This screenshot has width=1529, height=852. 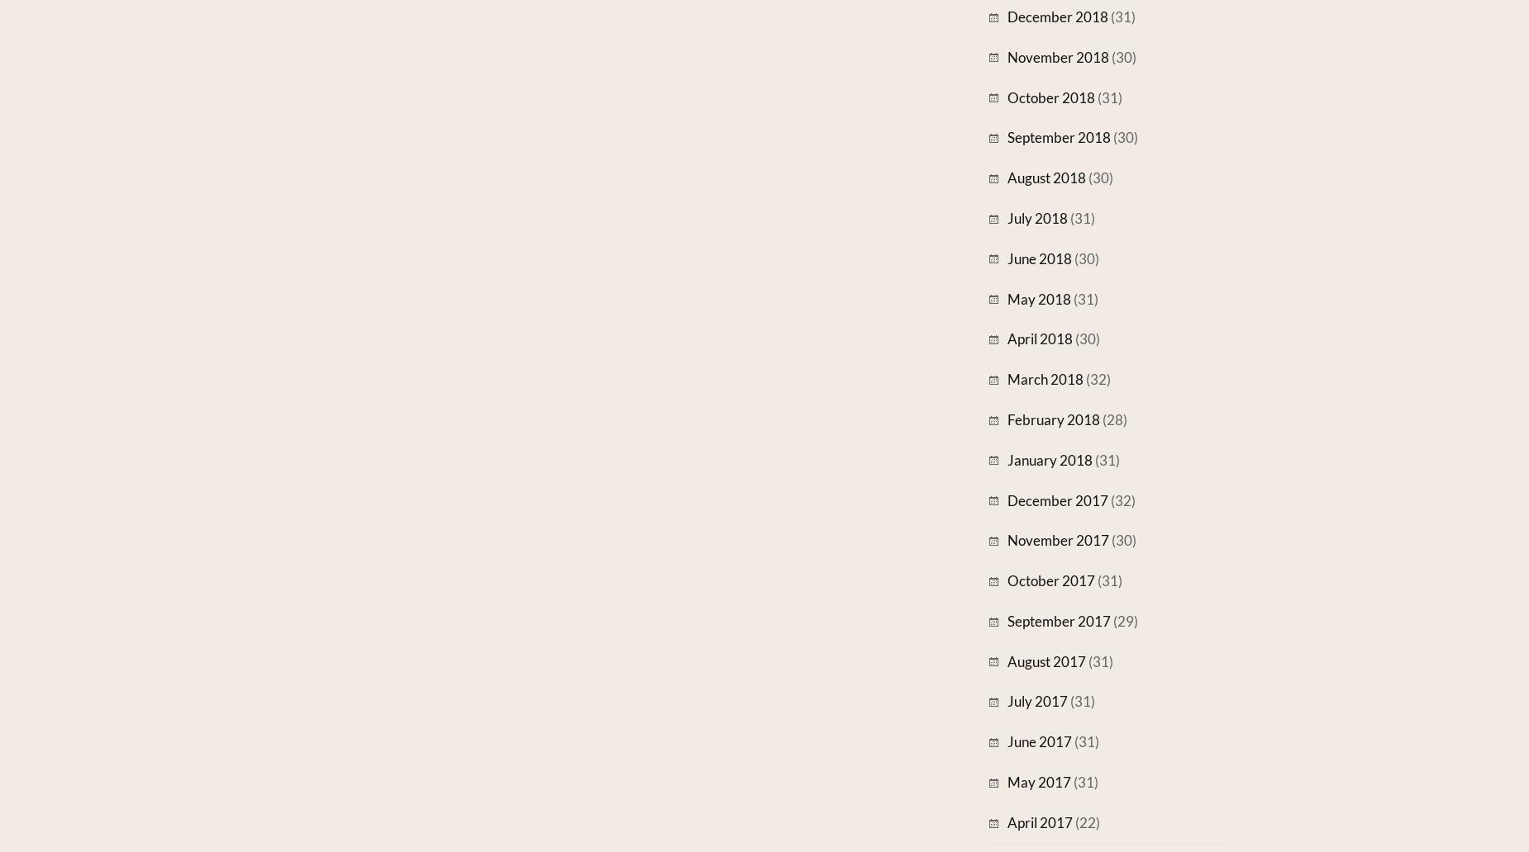 I want to click on 'January 2018', so click(x=1049, y=459).